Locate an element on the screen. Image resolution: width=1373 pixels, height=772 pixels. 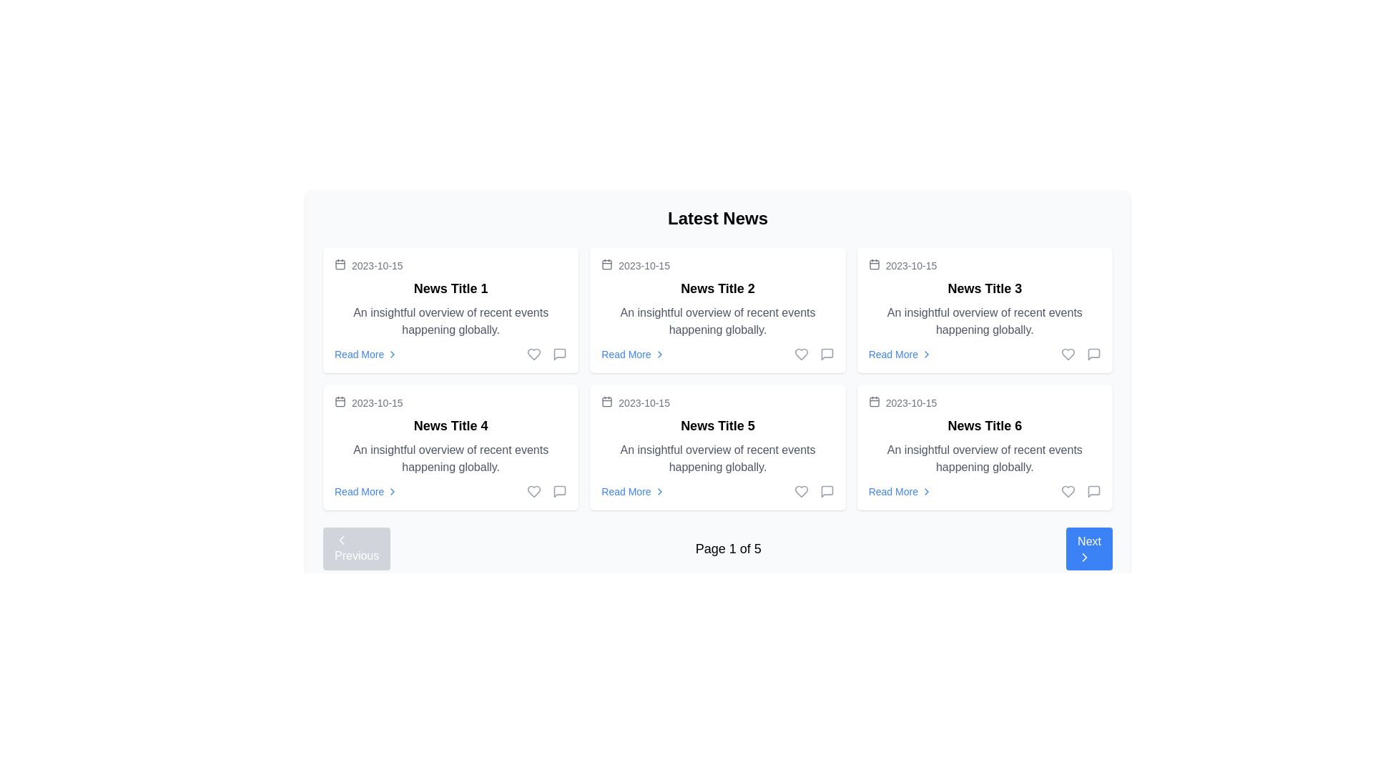
text displayed in the prominent text label titled 'News Title 5', which is bold and larger in font size, located in the second card of the news grid layout is located at coordinates (717, 425).